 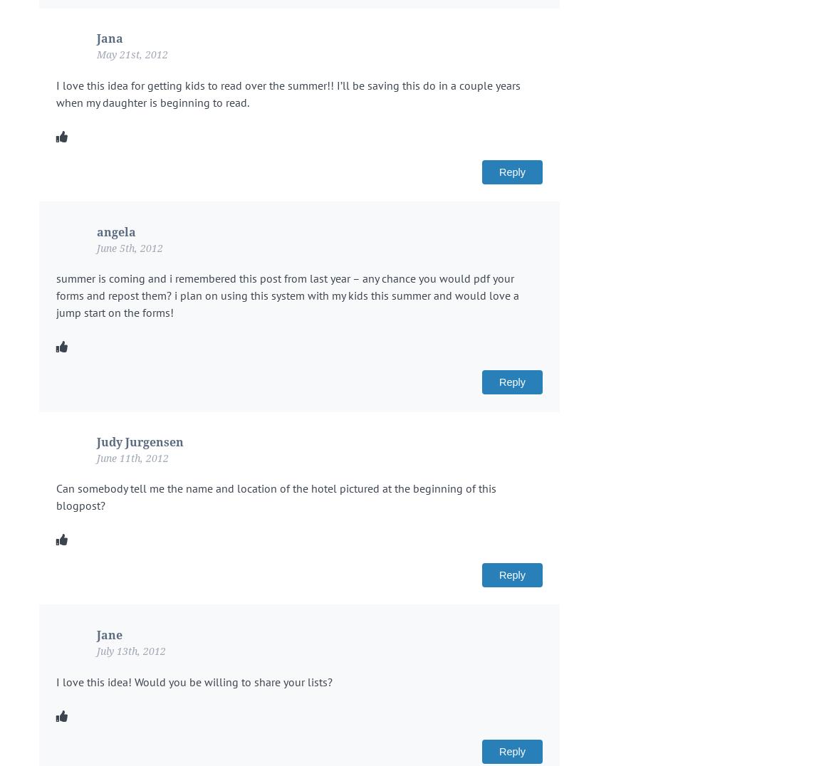 What do you see at coordinates (109, 38) in the screenshot?
I see `'Jana'` at bounding box center [109, 38].